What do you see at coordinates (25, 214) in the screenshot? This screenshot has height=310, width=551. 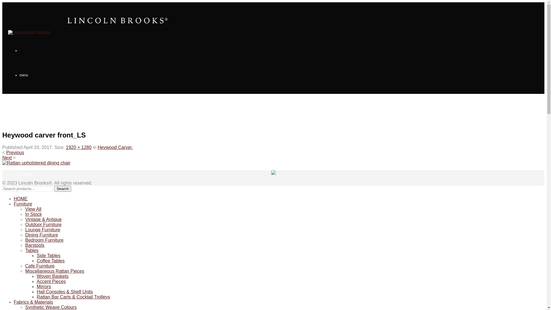 I see `'In Stock'` at bounding box center [25, 214].